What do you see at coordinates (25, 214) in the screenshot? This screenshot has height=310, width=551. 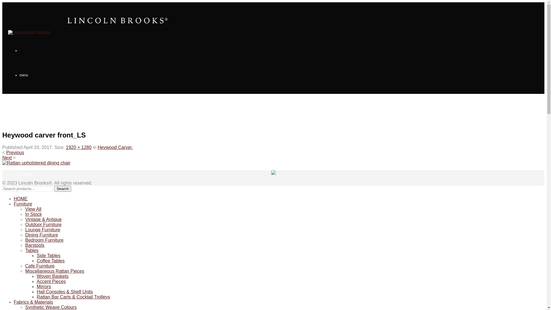 I see `'In Stock'` at bounding box center [25, 214].